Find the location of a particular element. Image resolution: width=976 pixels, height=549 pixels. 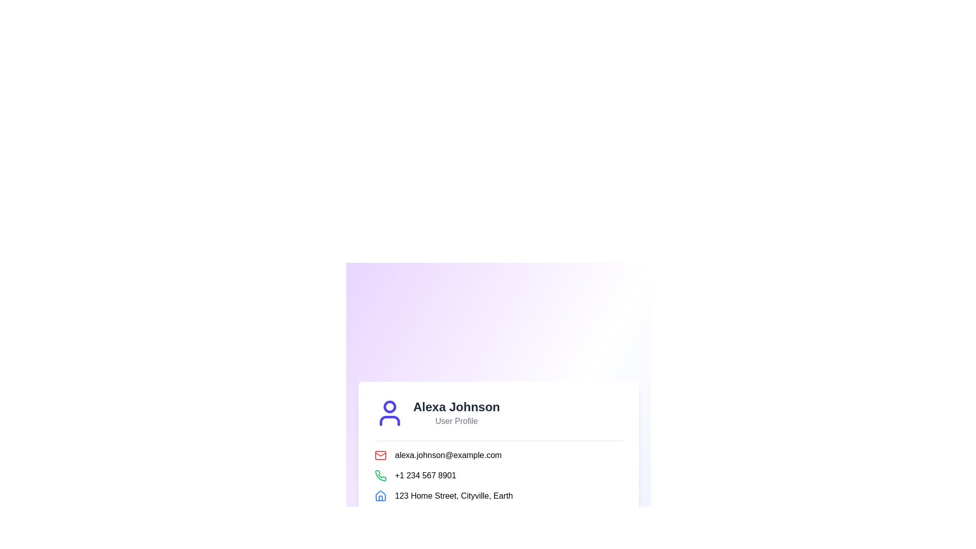

the Profile header section displaying 'Alexa Johnson' is located at coordinates (498, 413).